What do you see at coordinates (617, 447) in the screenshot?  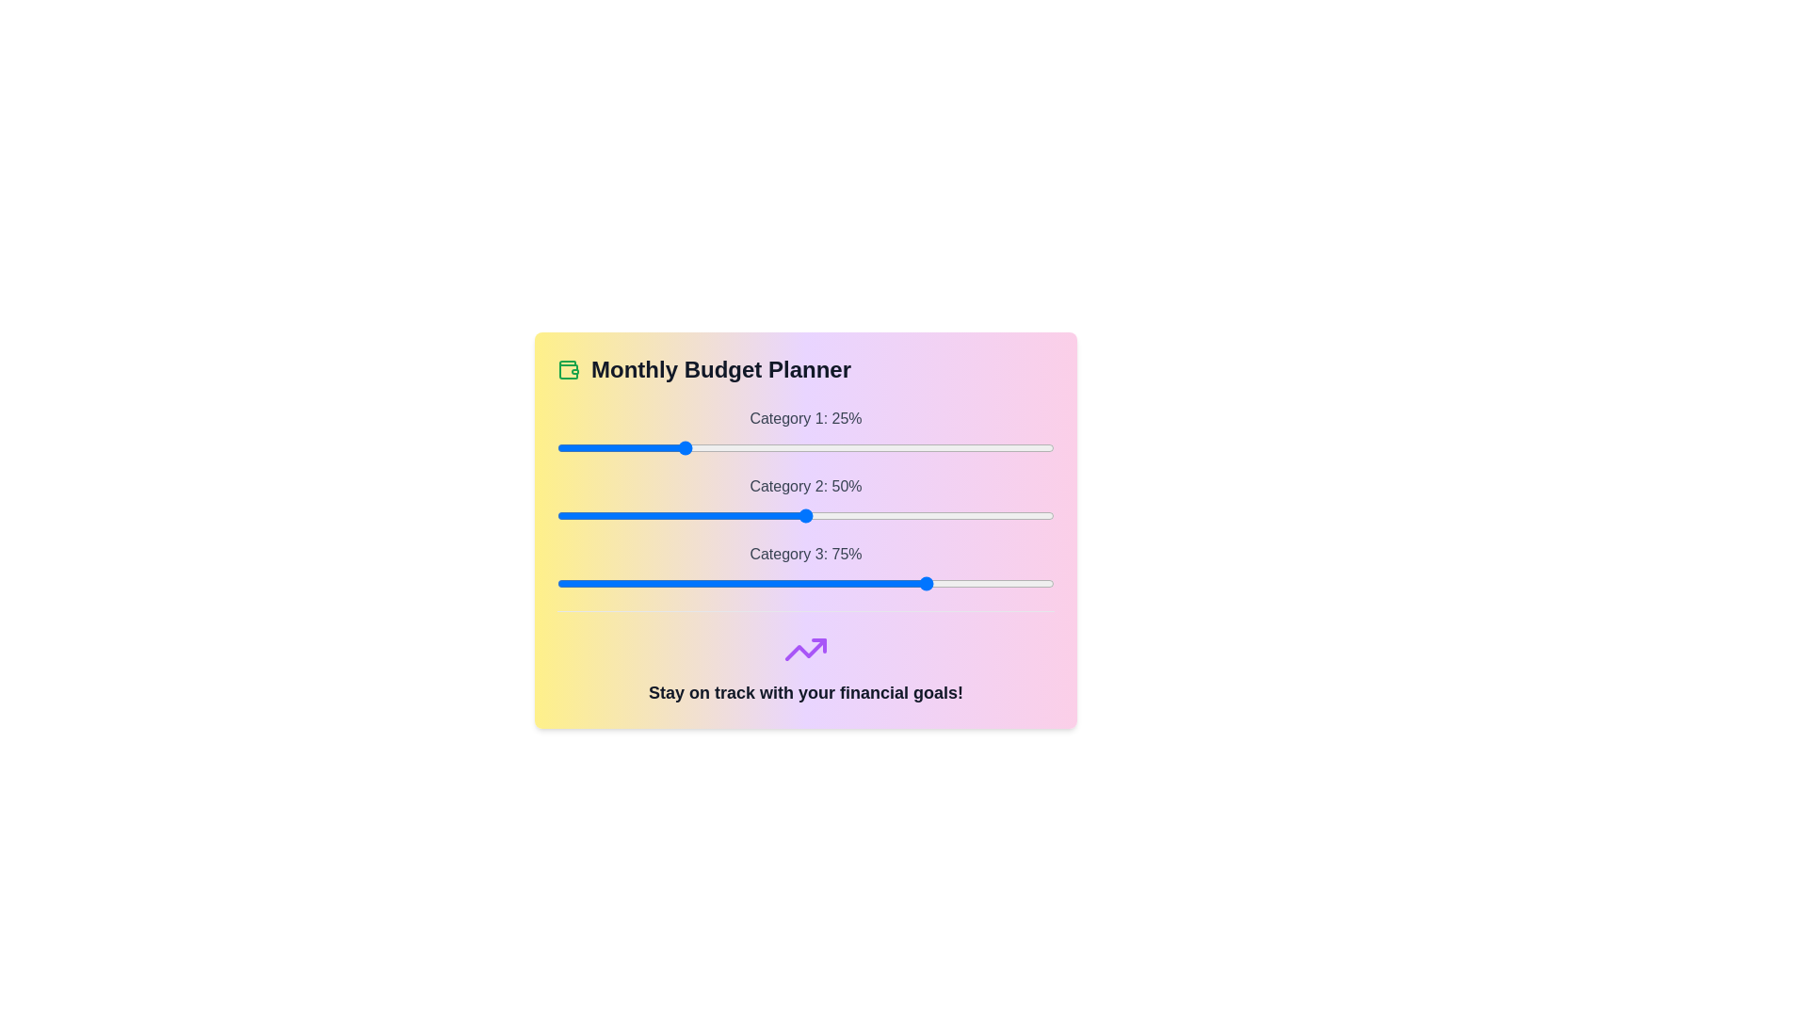 I see `the slider for Category 1 to 12%` at bounding box center [617, 447].